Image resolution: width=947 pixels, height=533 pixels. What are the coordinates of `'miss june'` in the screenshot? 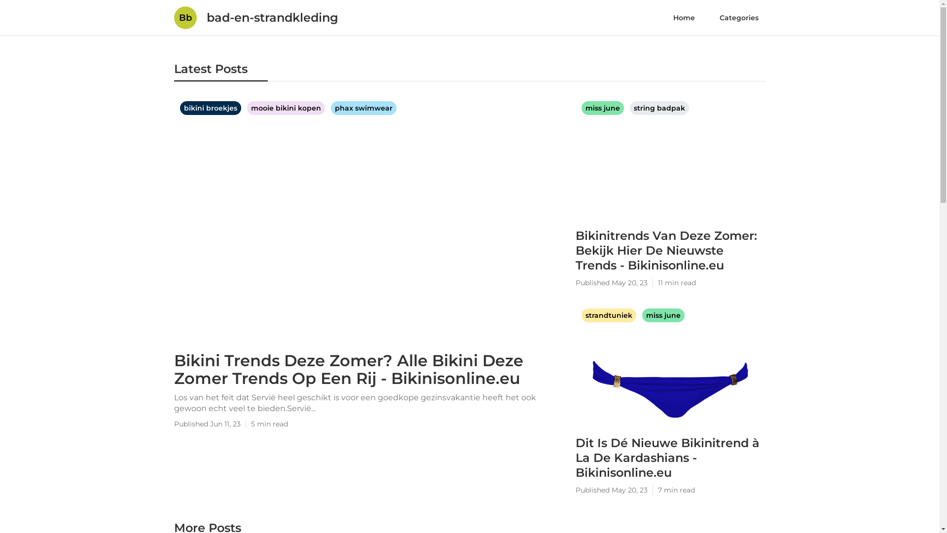 It's located at (663, 315).